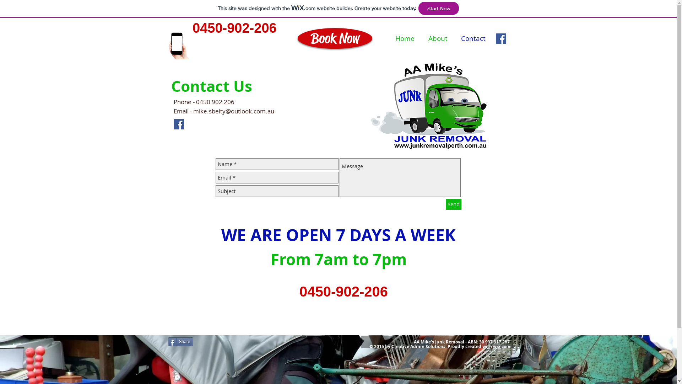  I want to click on 'About', so click(437, 38).